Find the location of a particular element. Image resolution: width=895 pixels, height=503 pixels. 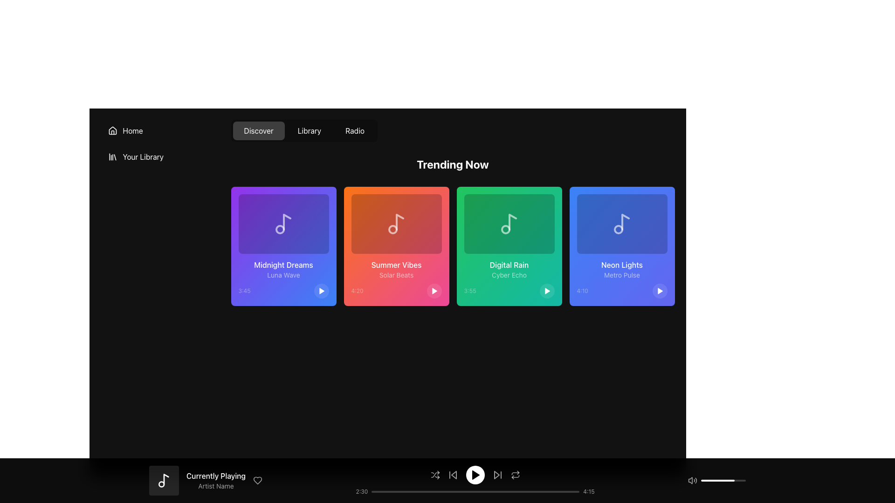

the static text element displaying 'Digital Rain', which is centrally positioned on a green gradient background within a card in the 'Trending Now' section is located at coordinates (509, 265).